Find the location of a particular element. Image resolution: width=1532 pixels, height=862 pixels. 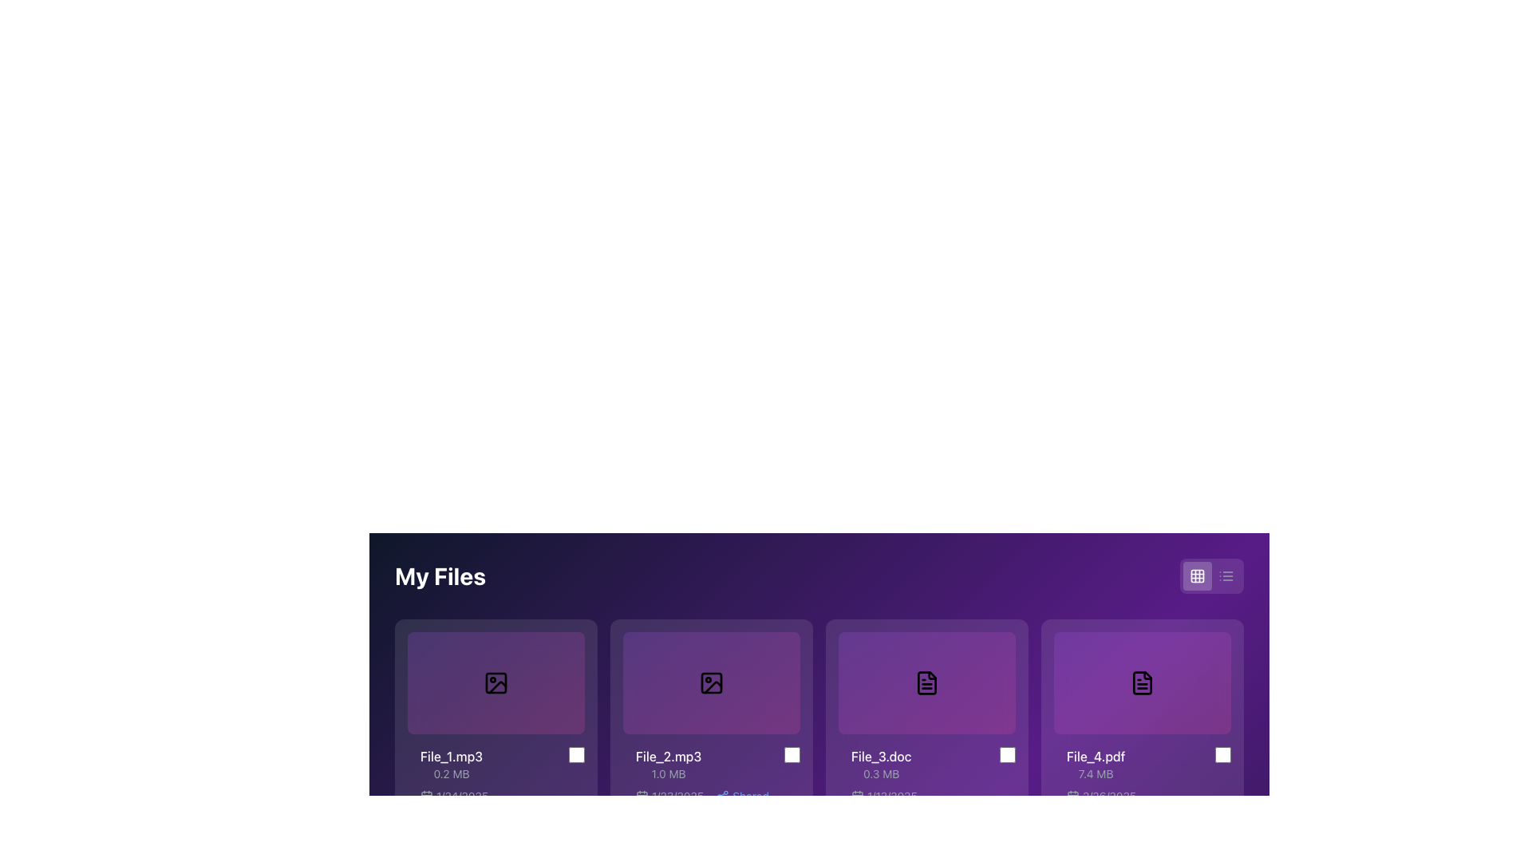

the center of the checkbox associated with the file entry 'File_1.mp3' is located at coordinates (576, 754).